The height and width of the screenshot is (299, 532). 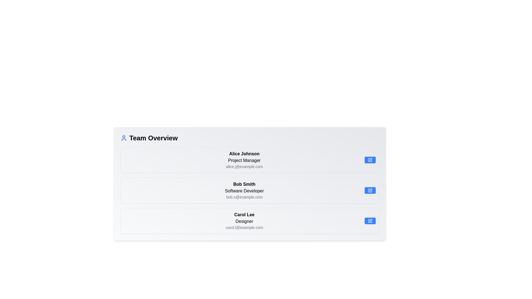 What do you see at coordinates (244, 160) in the screenshot?
I see `the 'Project Manager' text label, which is centrally aligned below 'Alice Johnson' and above 'alice.j@example.com' in the 'Team Overview' section` at bounding box center [244, 160].